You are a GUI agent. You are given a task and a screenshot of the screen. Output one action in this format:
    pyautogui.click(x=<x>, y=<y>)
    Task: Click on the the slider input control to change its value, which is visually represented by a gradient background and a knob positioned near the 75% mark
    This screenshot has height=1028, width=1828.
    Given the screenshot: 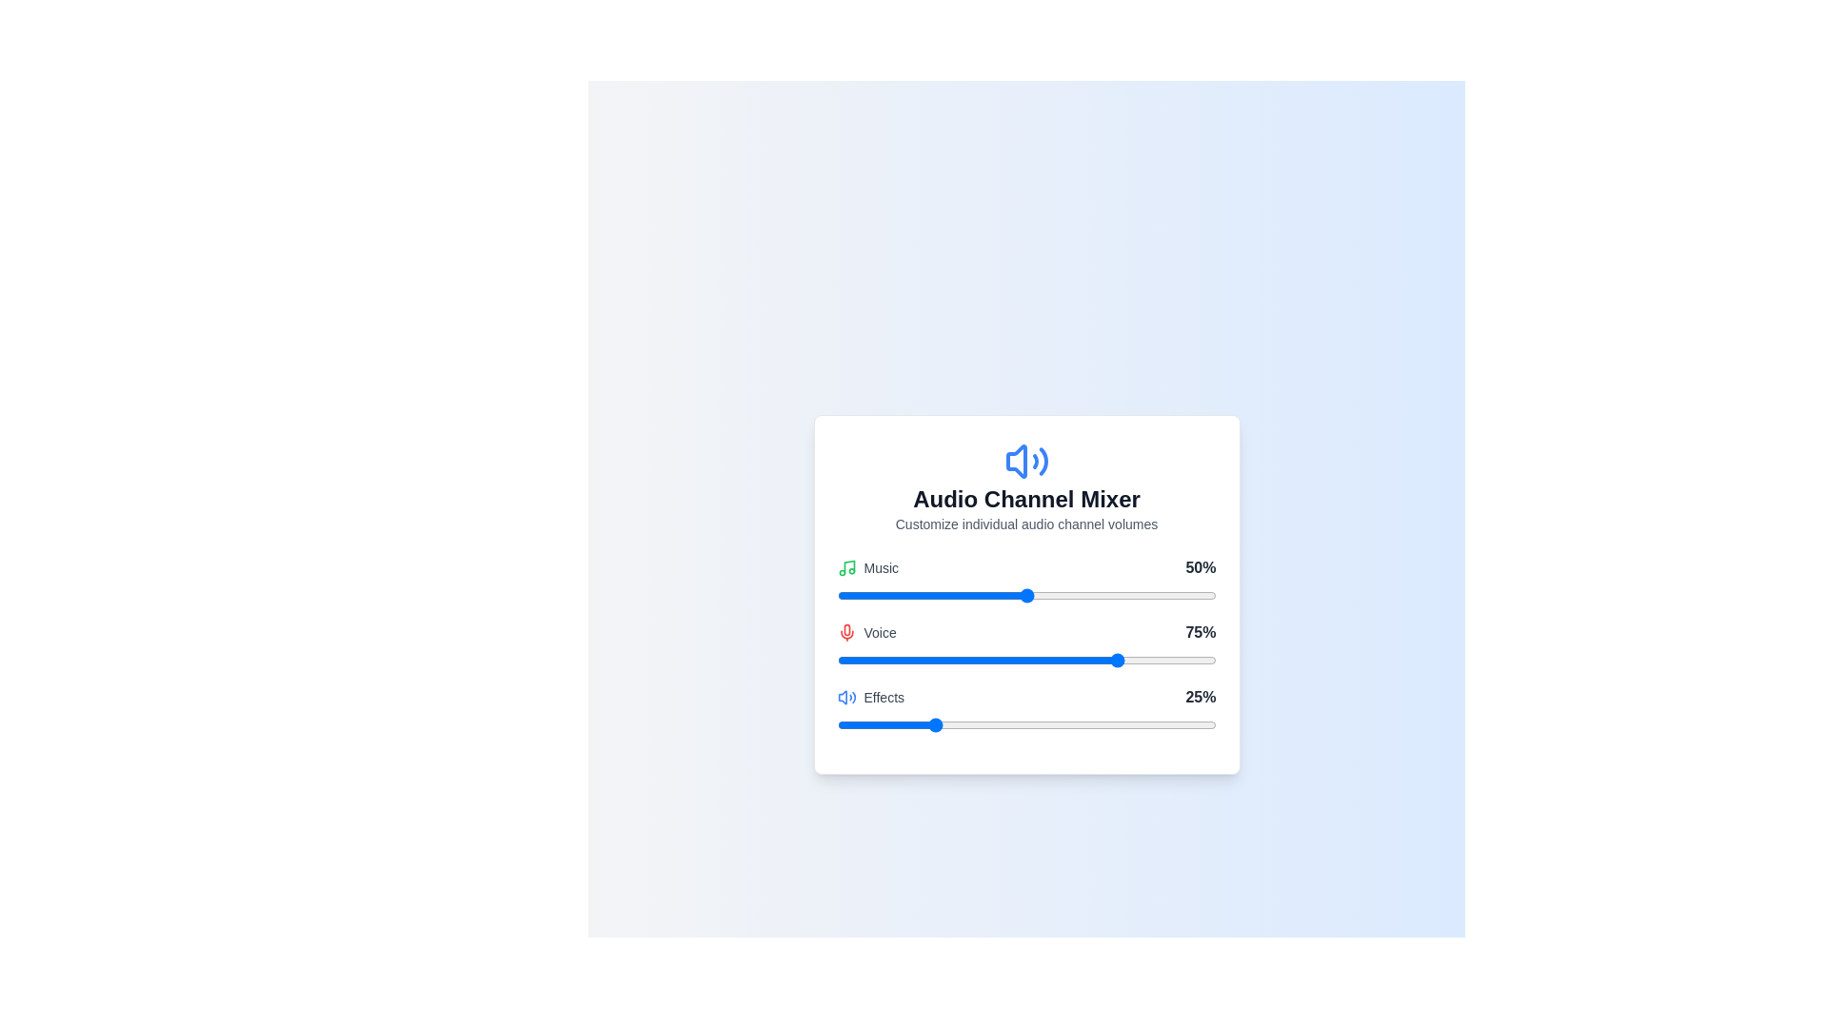 What is the action you would take?
    pyautogui.click(x=1025, y=660)
    